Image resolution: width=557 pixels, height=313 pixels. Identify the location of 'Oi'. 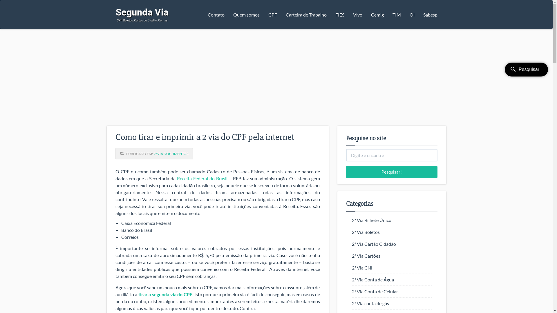
(411, 14).